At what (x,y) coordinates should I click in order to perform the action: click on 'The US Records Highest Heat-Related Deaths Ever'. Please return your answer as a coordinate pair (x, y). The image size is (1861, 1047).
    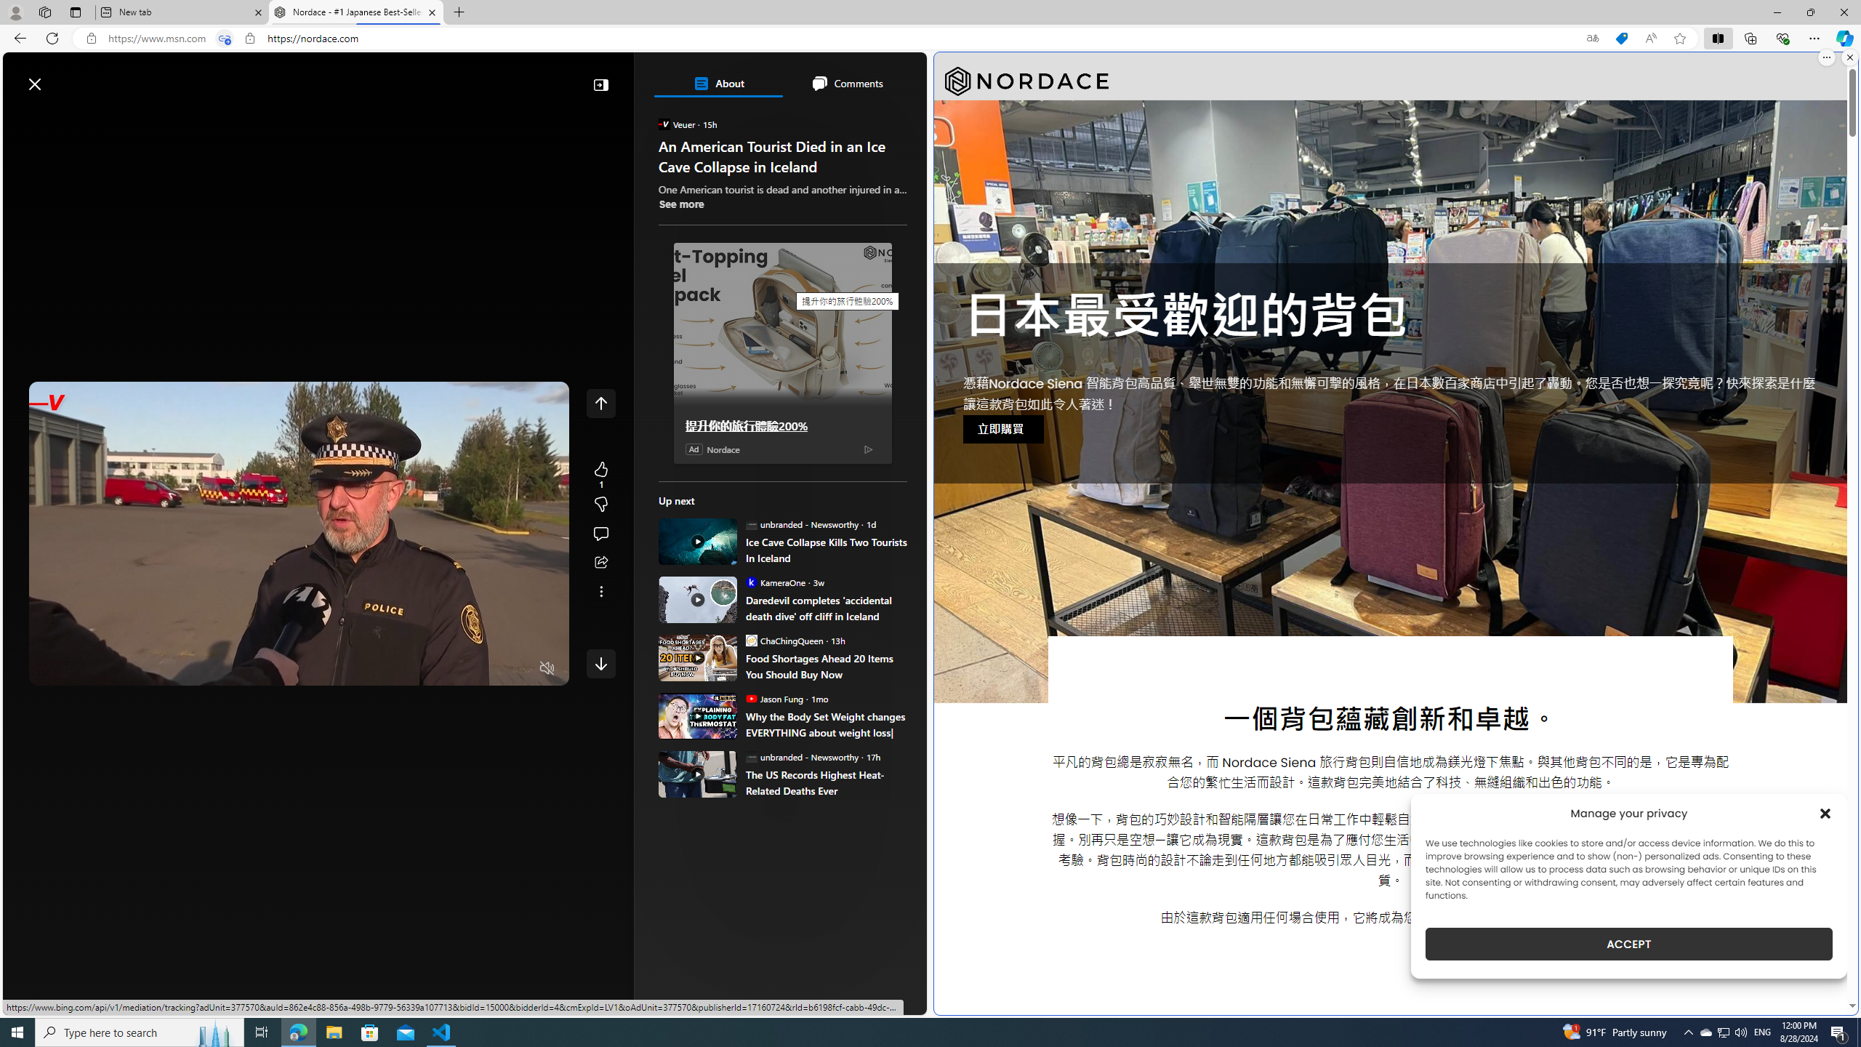
    Looking at the image, I should click on (826, 782).